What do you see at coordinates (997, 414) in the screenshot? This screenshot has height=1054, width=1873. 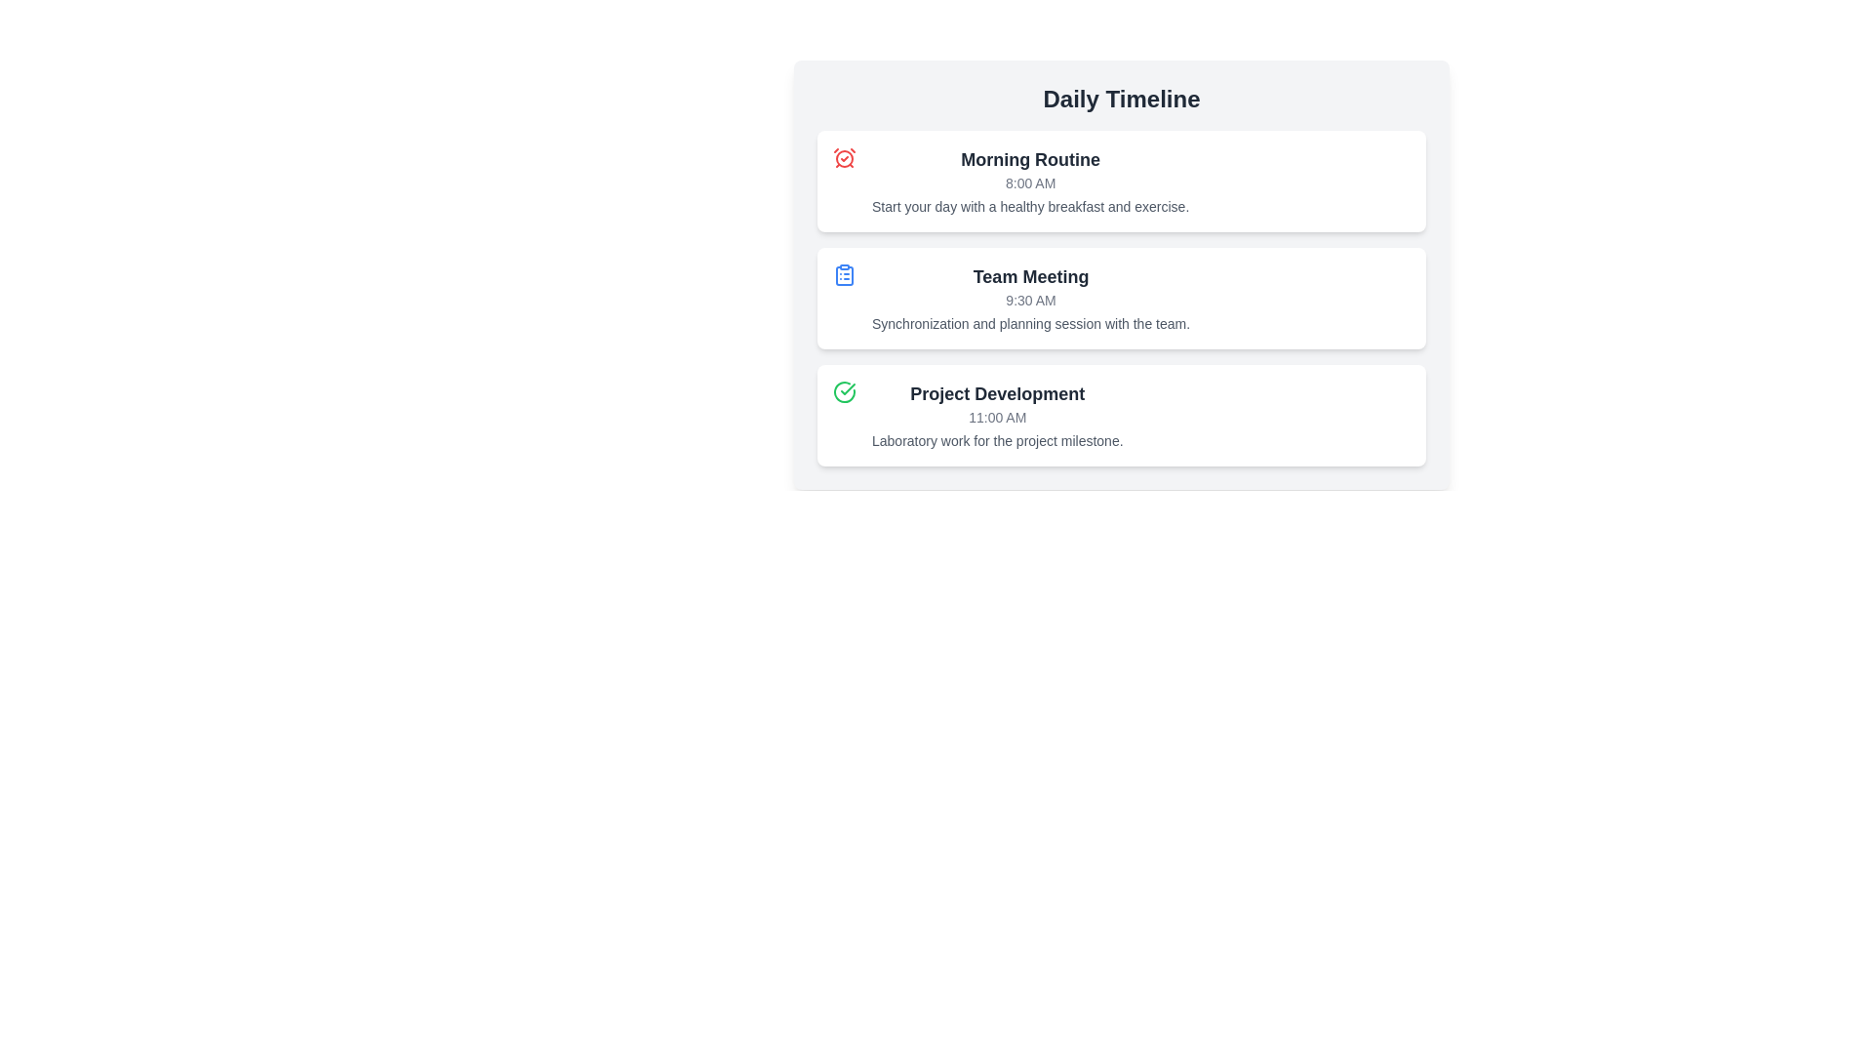 I see `textual content block containing the title 'Project Development', timestamp '11:00 AM', and subtitle 'Laboratory work for the project milestone.' located in the third card of the 'Daily Timeline' interface` at bounding box center [997, 414].